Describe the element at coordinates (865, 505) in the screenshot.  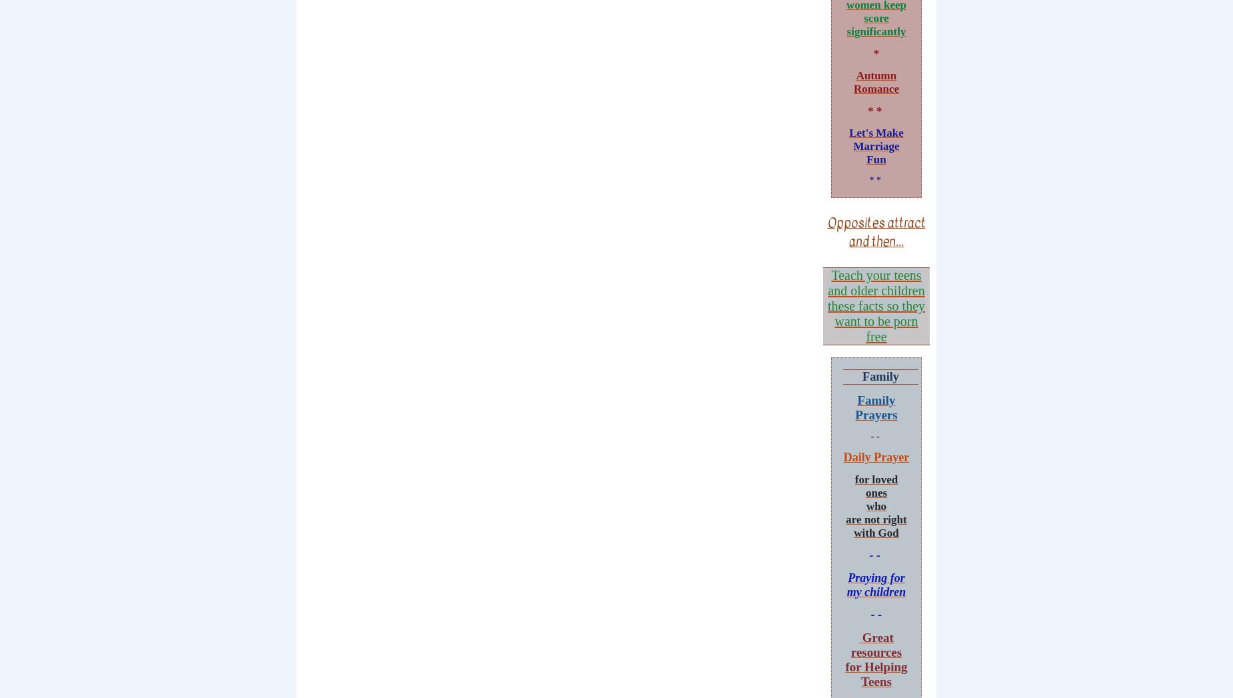
I see `'who'` at that location.